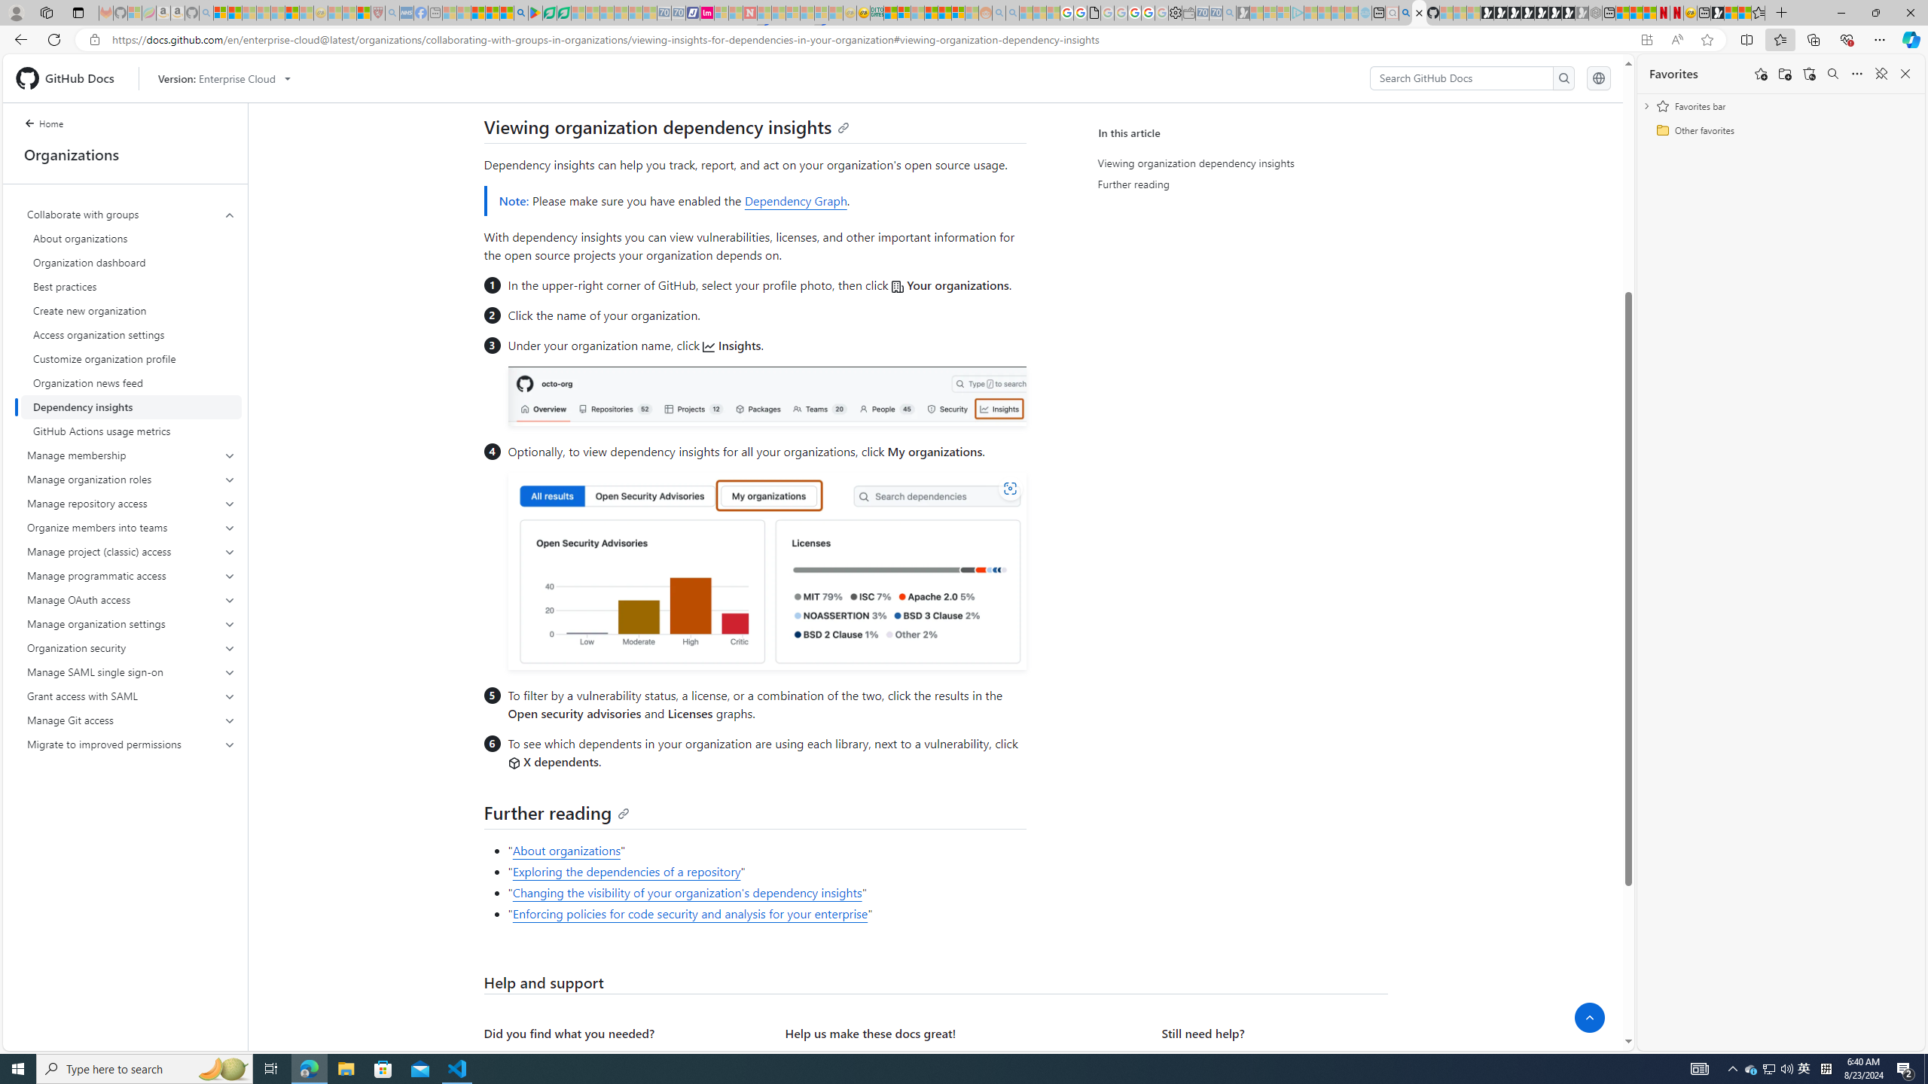 The image size is (1928, 1084). Describe the element at coordinates (1905, 72) in the screenshot. I see `'Close favorites'` at that location.